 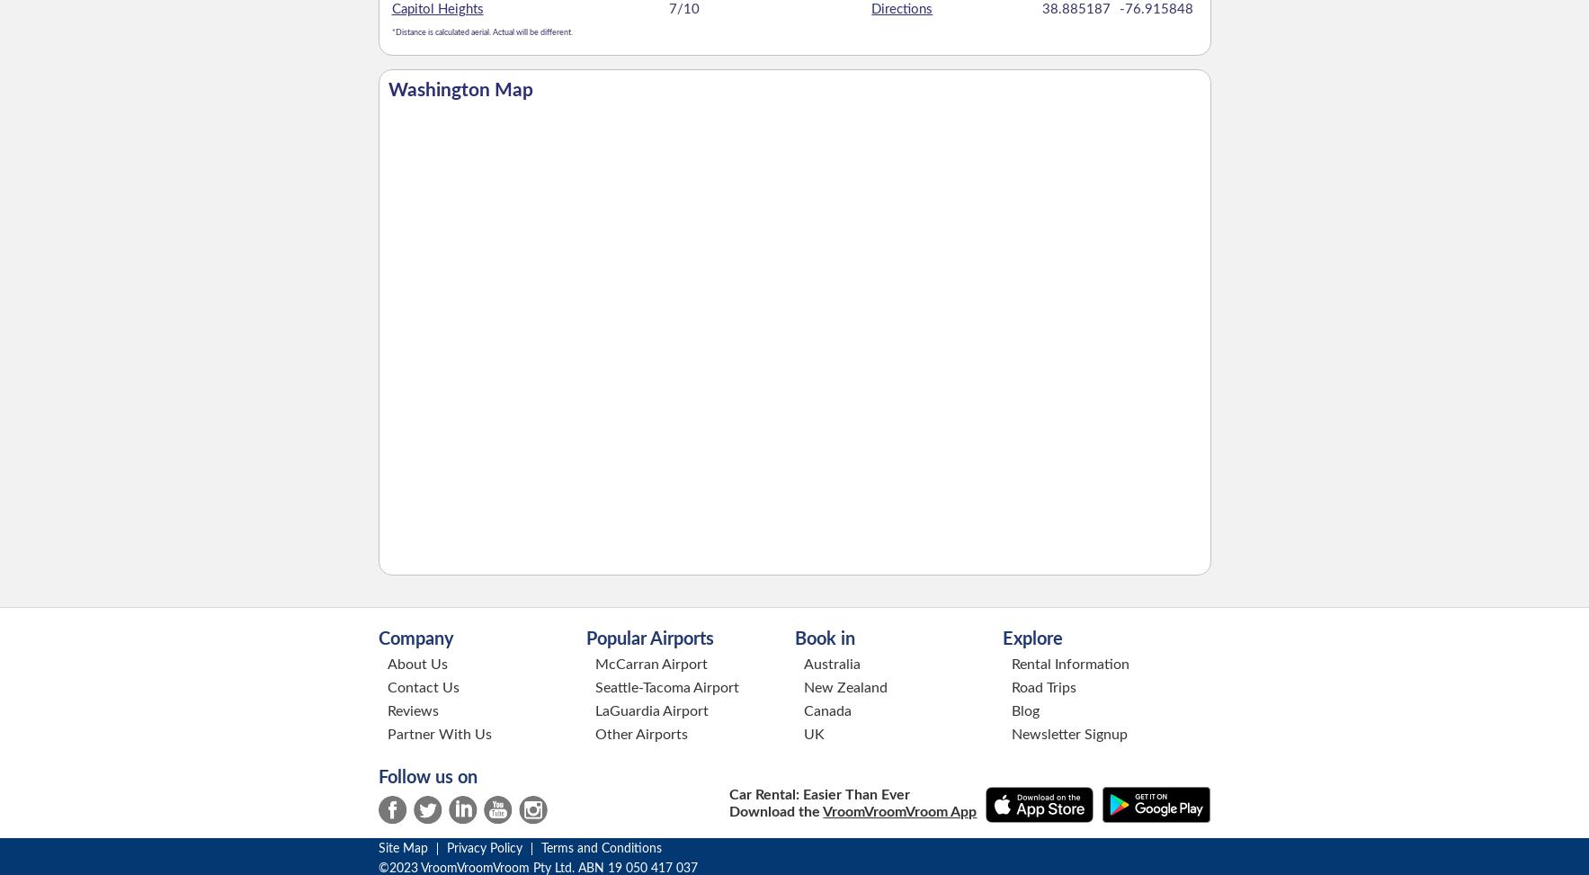 I want to click on 'Newsletter Signup', so click(x=1068, y=732).